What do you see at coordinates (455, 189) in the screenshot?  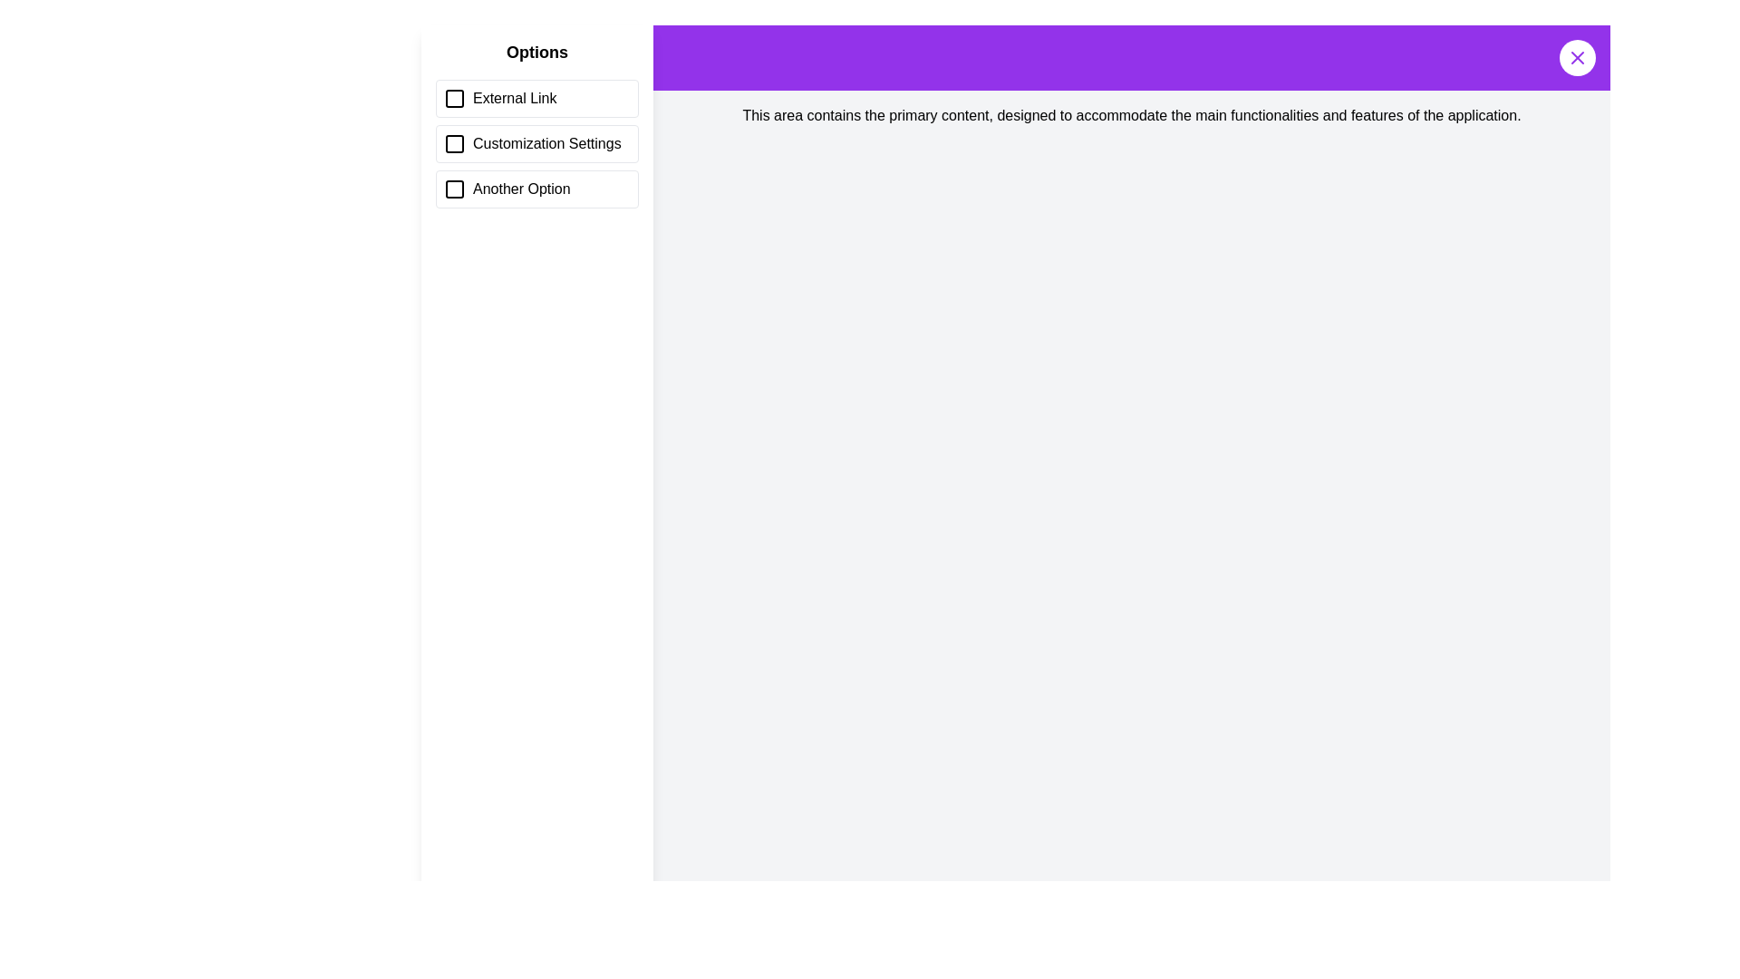 I see `the square-shaped icon located next to the text 'Another Option' in the third option of the 'Options' section` at bounding box center [455, 189].